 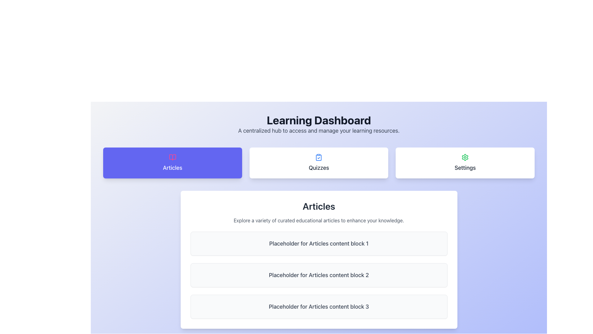 I want to click on text content of the third placeholder block for informational content under the 'Articles' section, located near the bottom of the grid, so click(x=319, y=306).